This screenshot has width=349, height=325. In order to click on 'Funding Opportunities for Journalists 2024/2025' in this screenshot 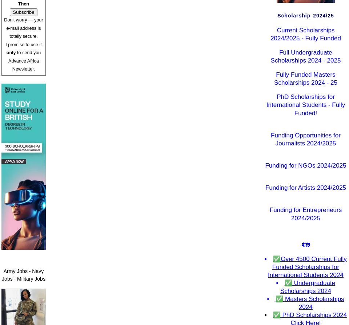, I will do `click(305, 139)`.